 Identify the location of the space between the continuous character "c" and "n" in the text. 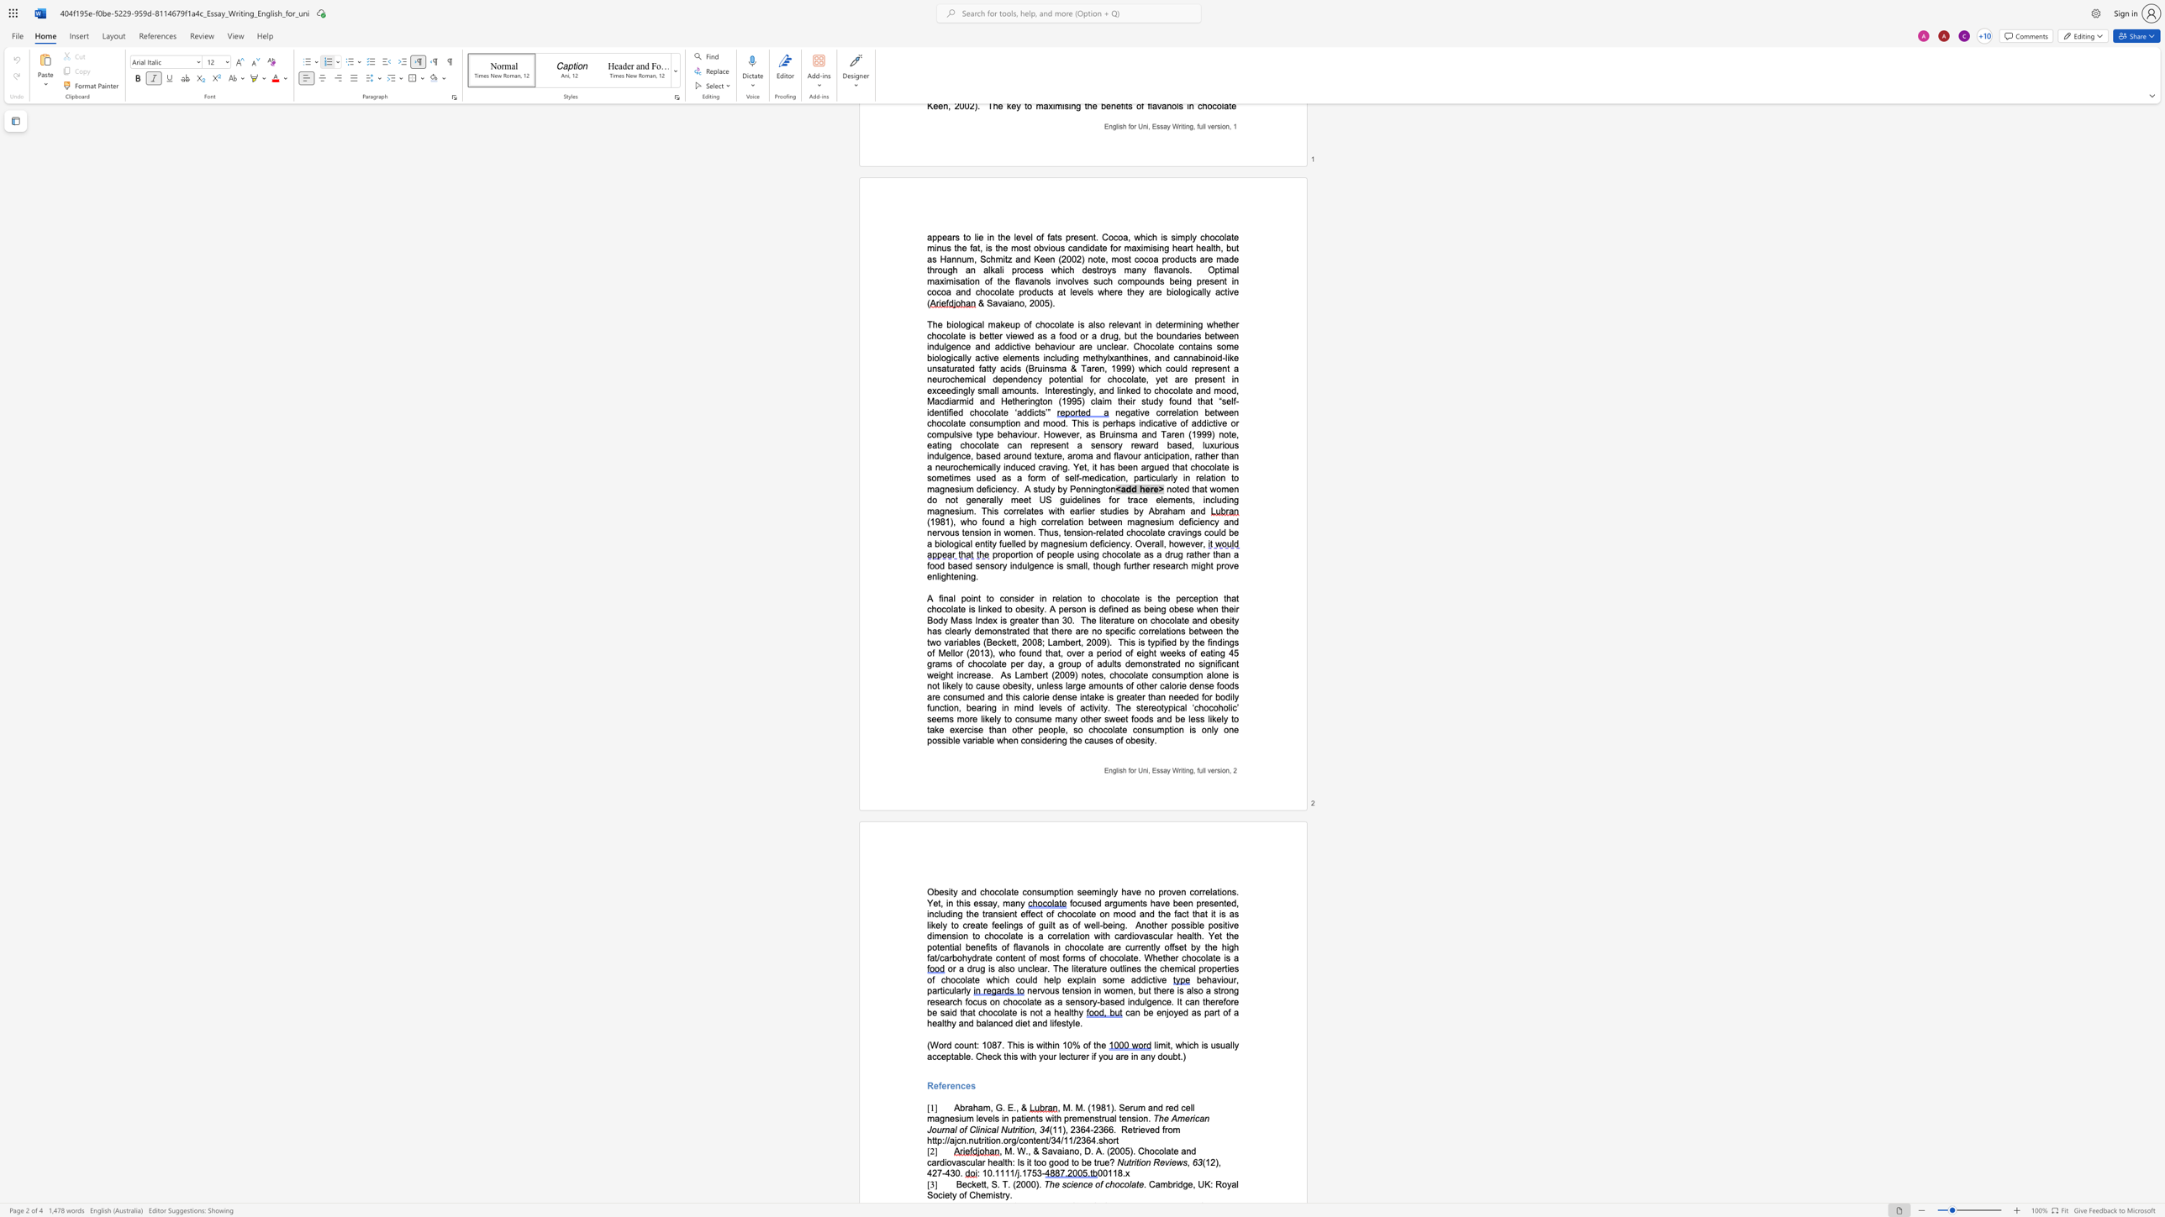
(960, 1141).